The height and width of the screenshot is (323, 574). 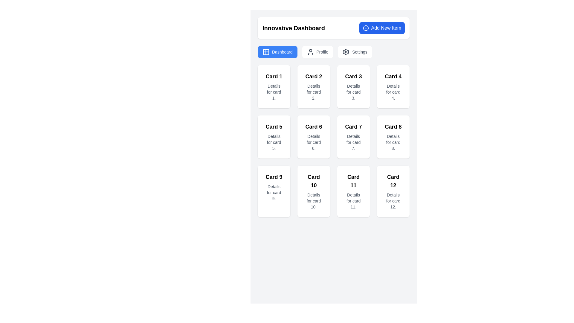 I want to click on the Text Label that serves as the card title, located in the top-left card of the grid, so click(x=274, y=76).